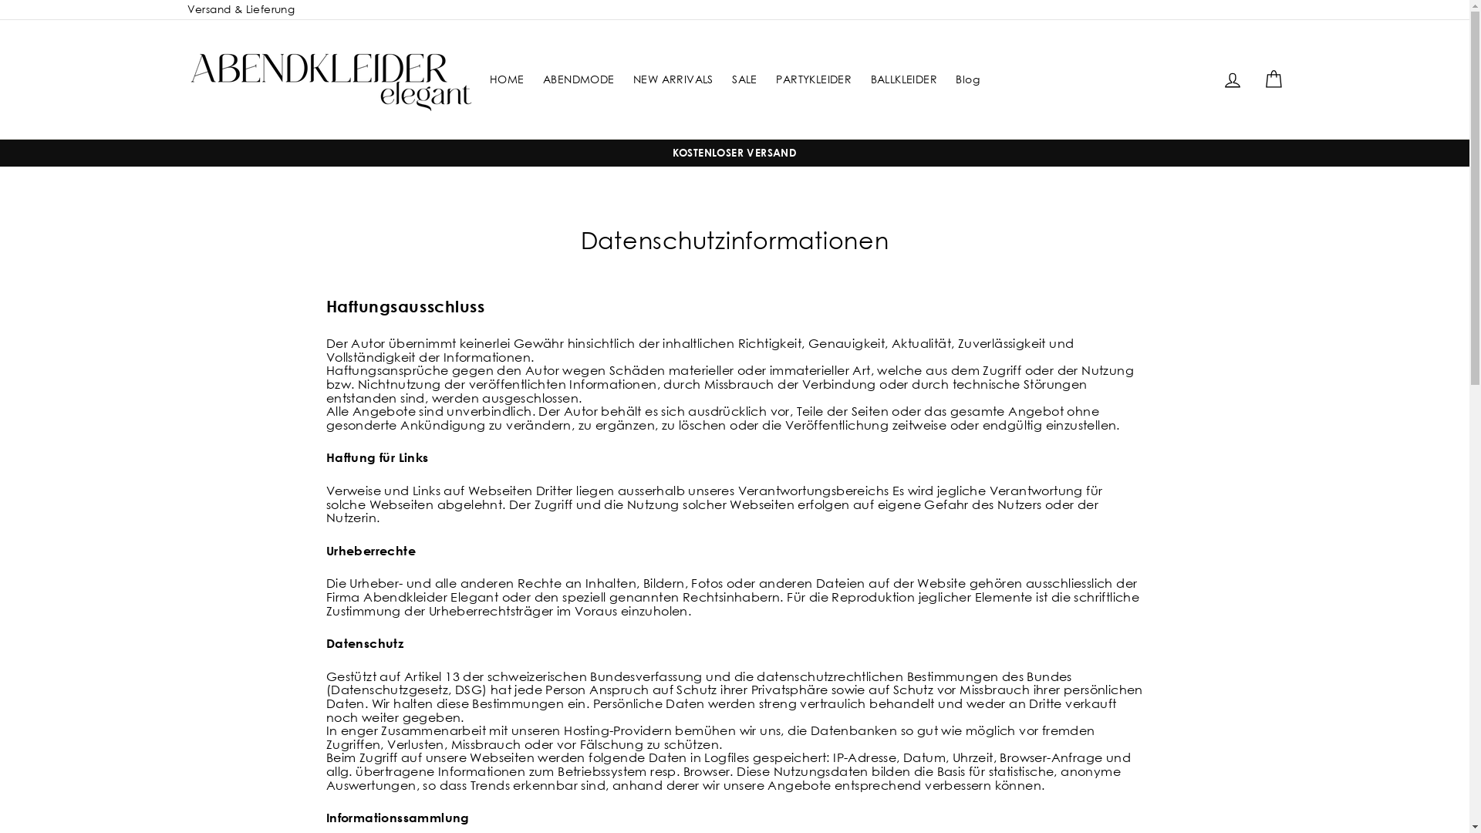 The height and width of the screenshot is (833, 1481). What do you see at coordinates (744, 79) in the screenshot?
I see `'SALE'` at bounding box center [744, 79].